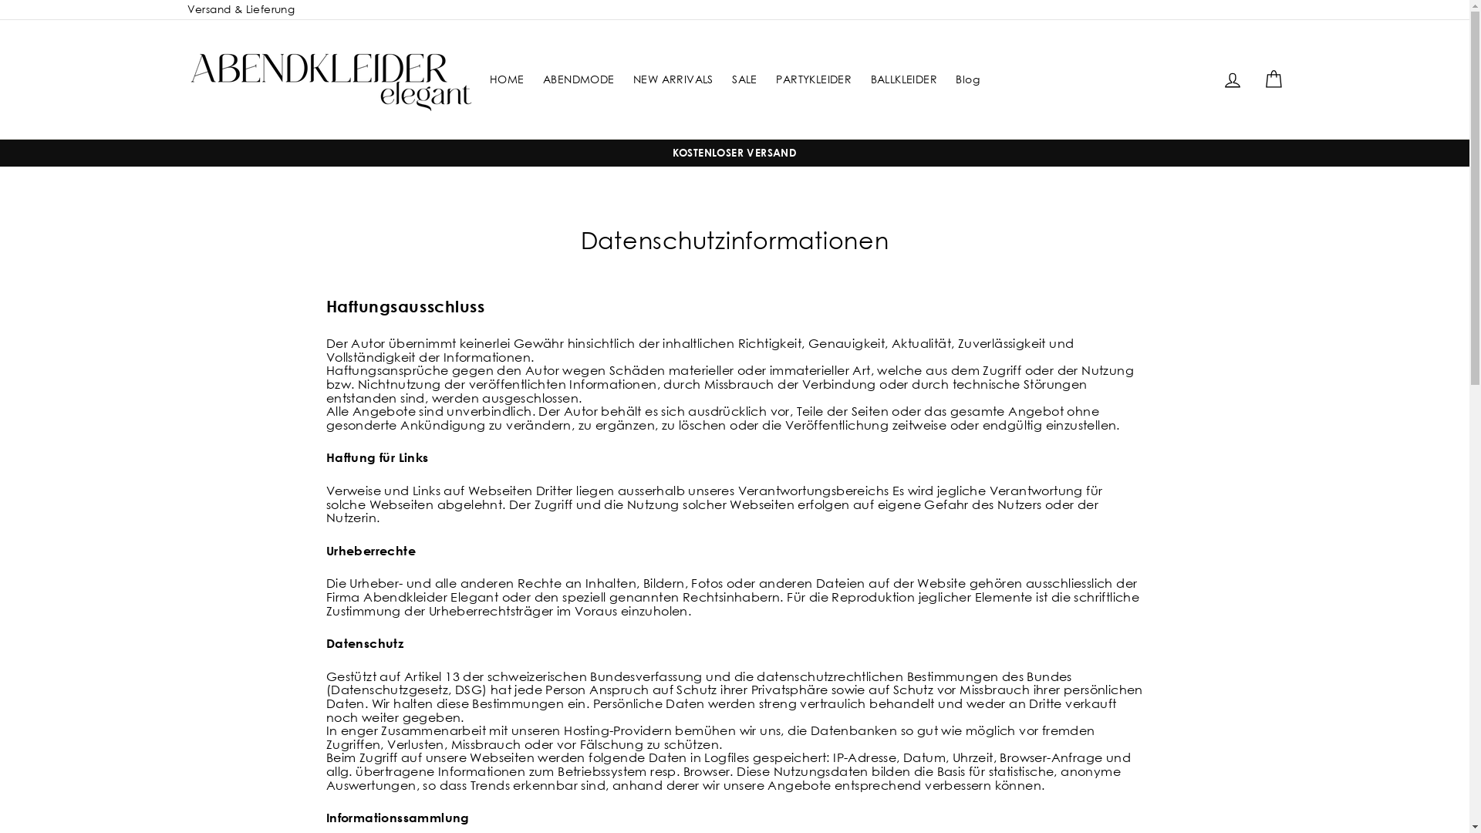 The height and width of the screenshot is (833, 1481). What do you see at coordinates (744, 79) in the screenshot?
I see `'SALE'` at bounding box center [744, 79].